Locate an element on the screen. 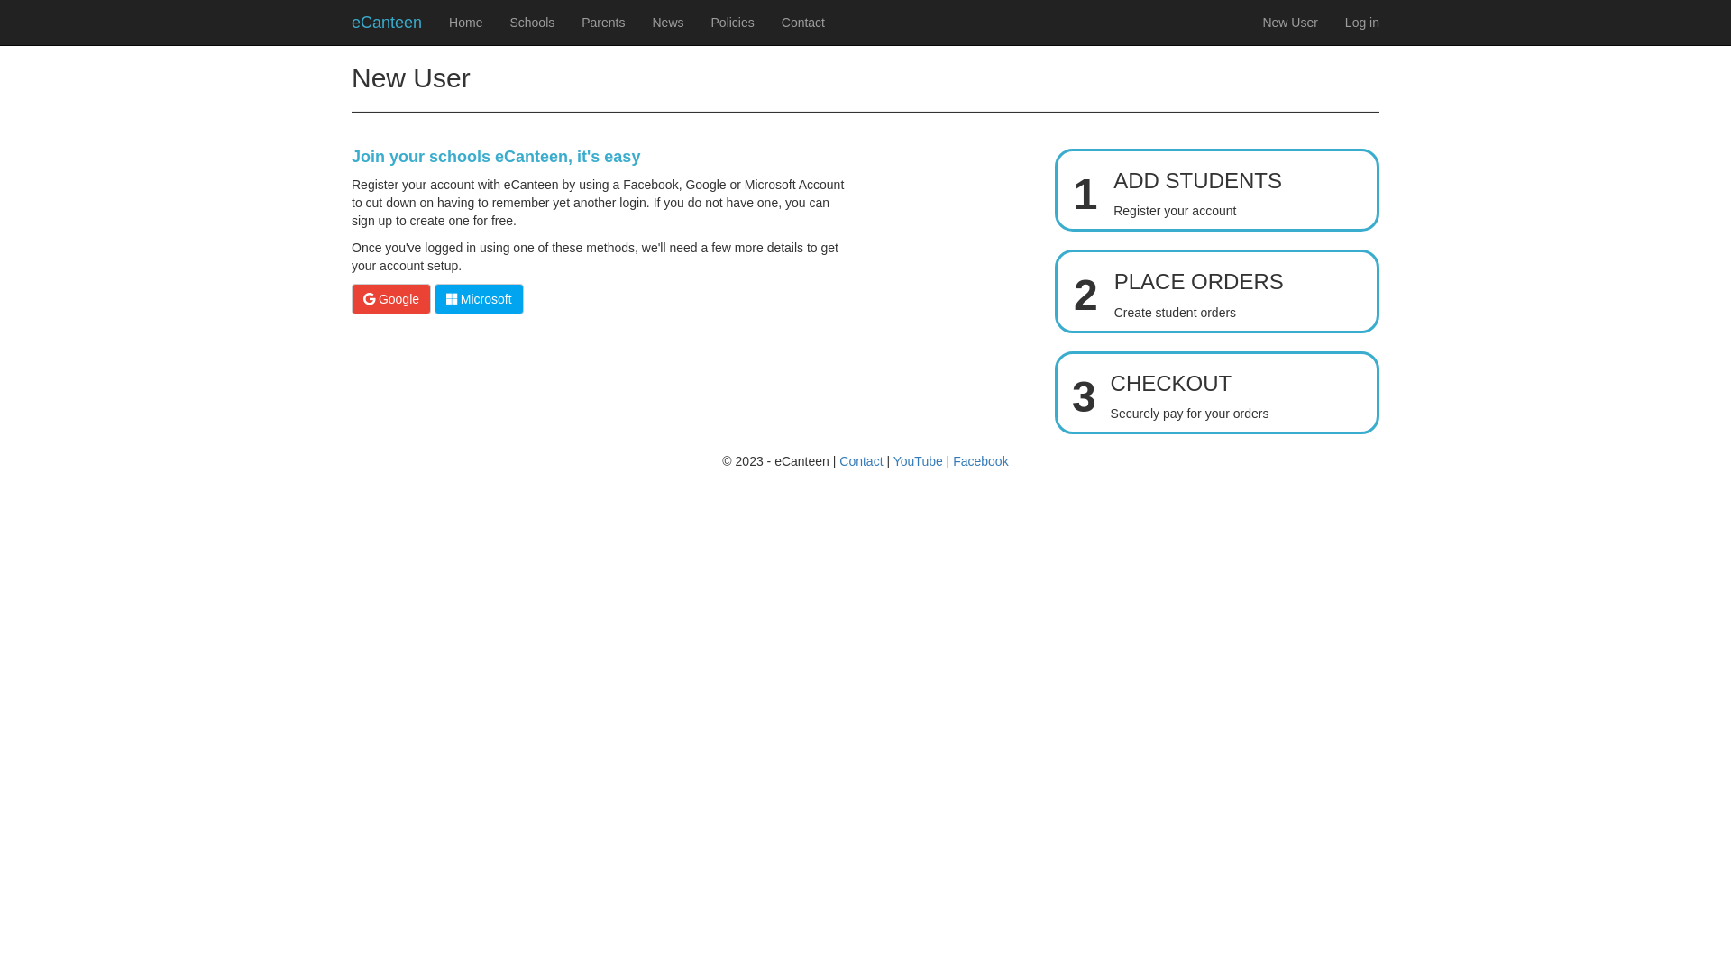 The height and width of the screenshot is (973, 1731). 'Microsoft' is located at coordinates (479, 297).